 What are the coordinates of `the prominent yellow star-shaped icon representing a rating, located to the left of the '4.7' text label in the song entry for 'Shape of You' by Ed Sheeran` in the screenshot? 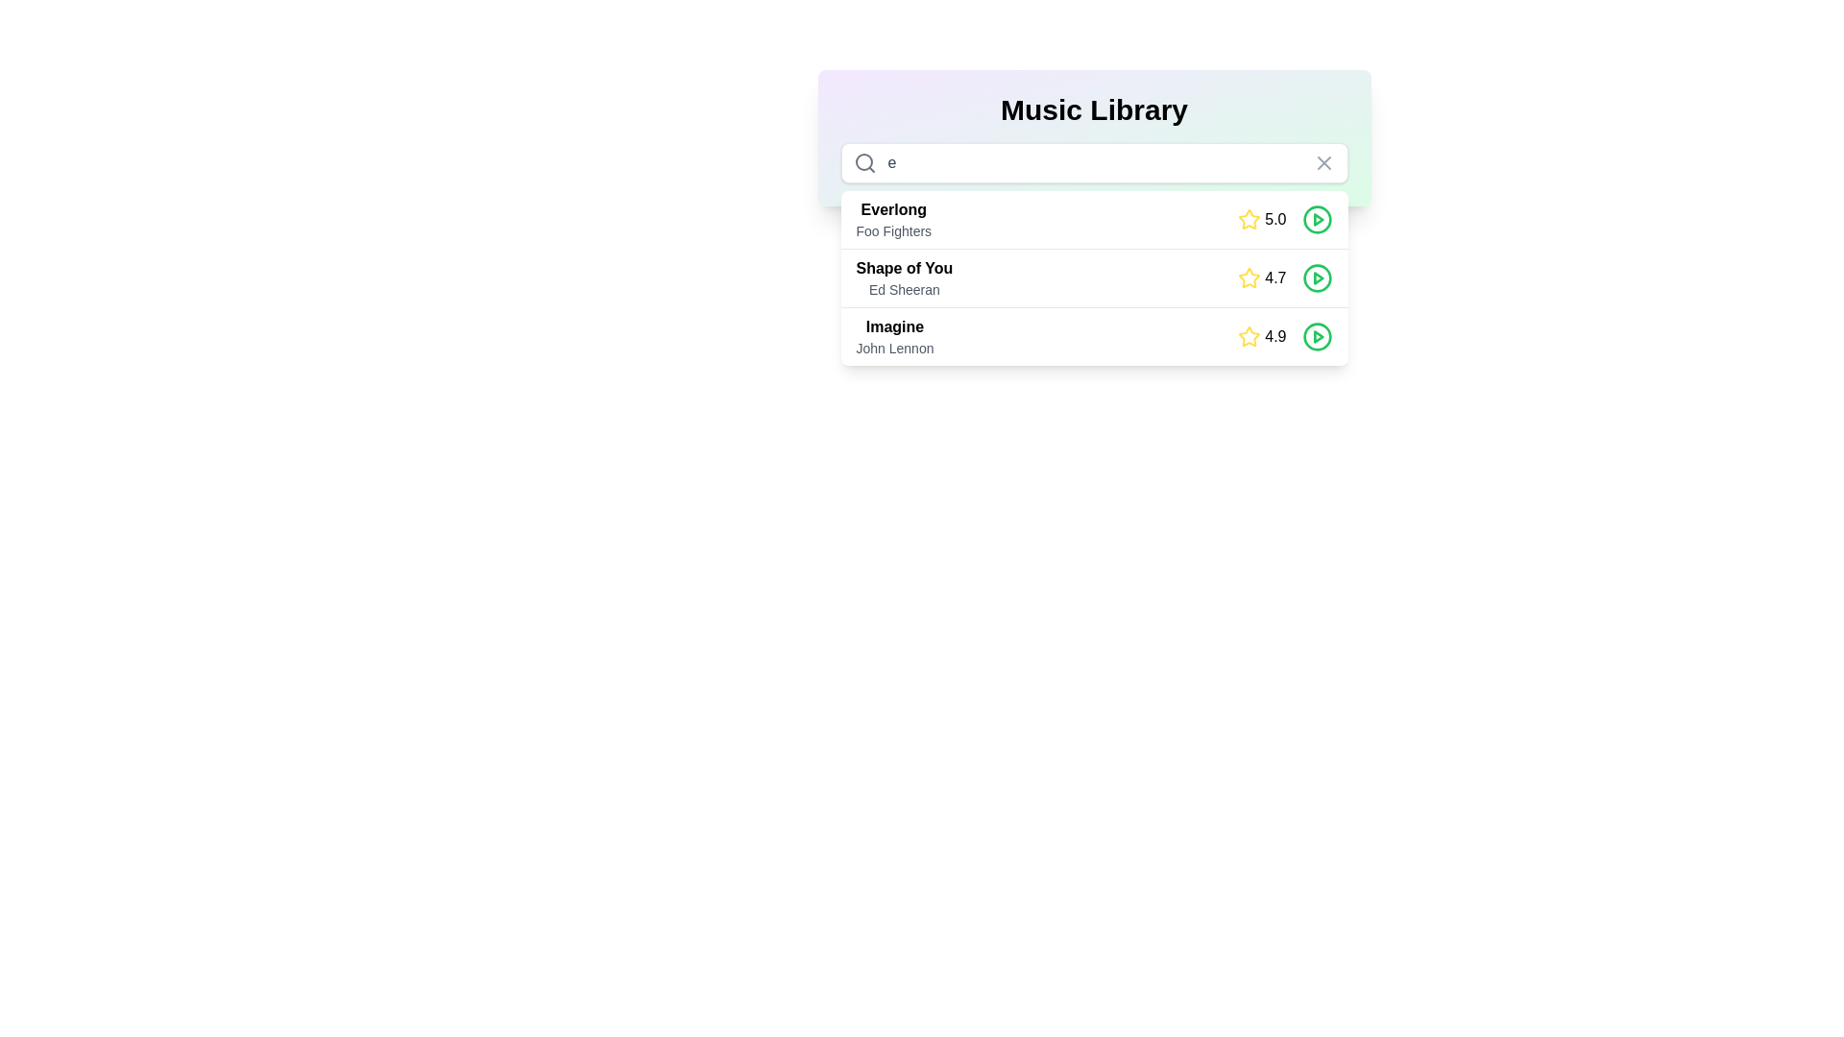 It's located at (1250, 277).